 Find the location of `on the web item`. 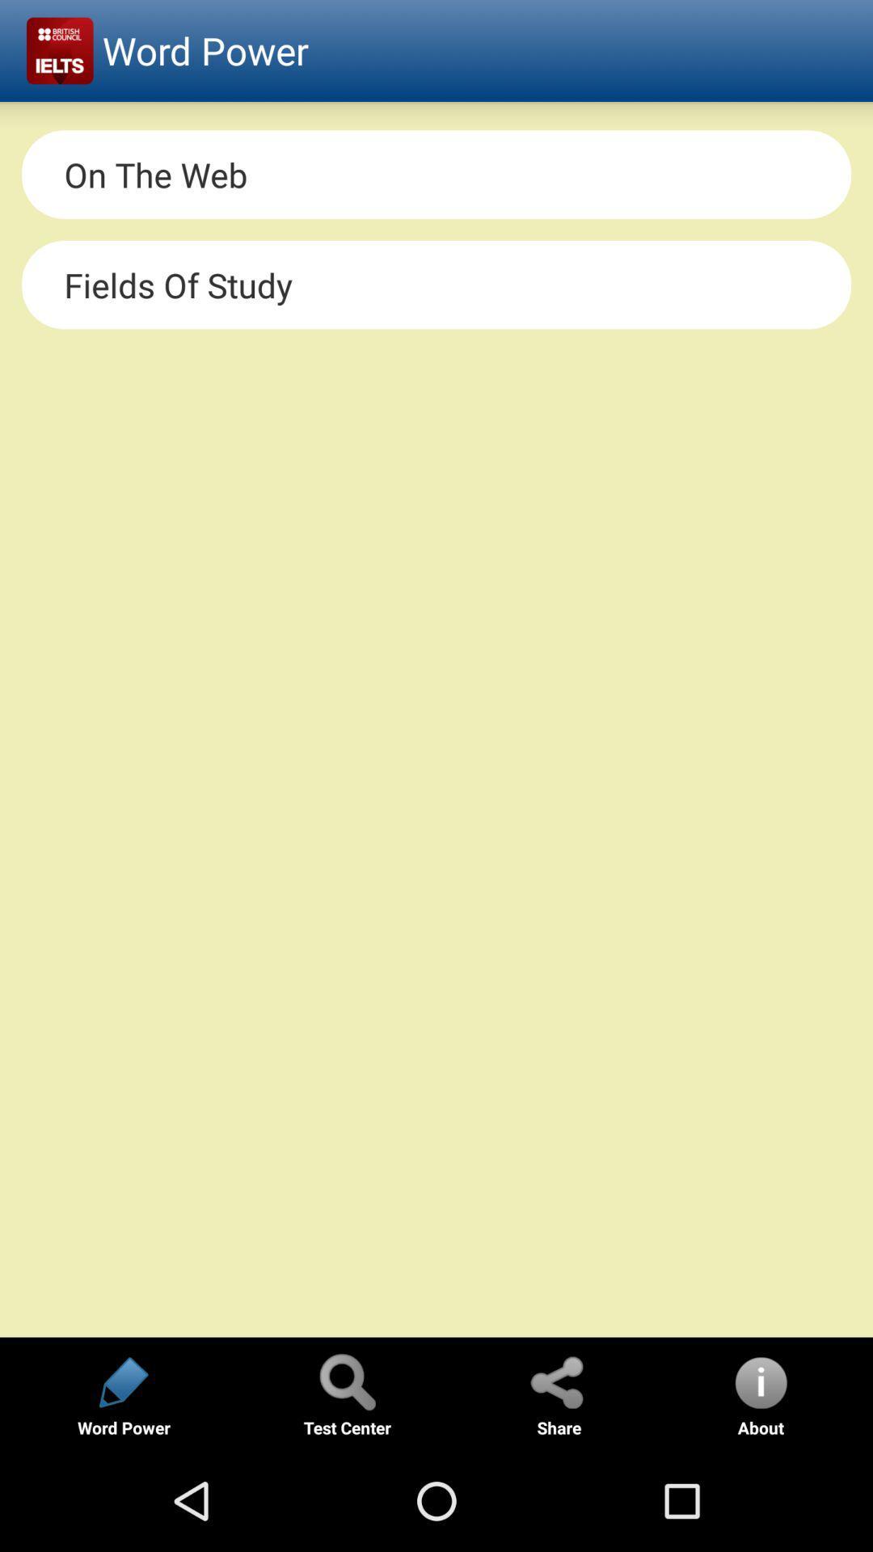

on the web item is located at coordinates (436, 175).